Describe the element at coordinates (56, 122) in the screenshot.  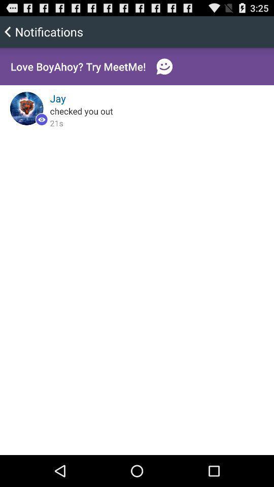
I see `the item below the checked you out item` at that location.